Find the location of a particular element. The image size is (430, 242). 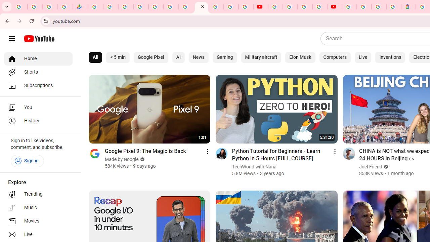

'History' is located at coordinates (38, 121).